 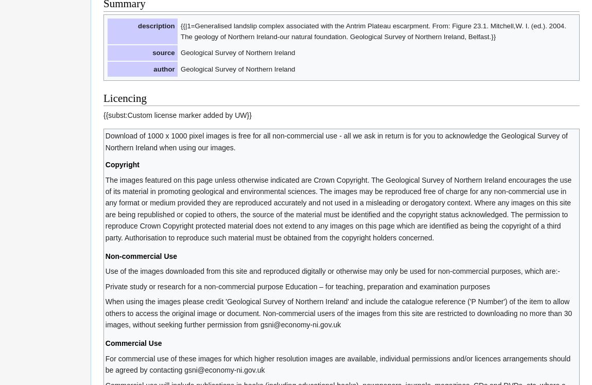 What do you see at coordinates (103, 115) in the screenshot?
I see `'{{subst:Custom license marker added by UW}}'` at bounding box center [103, 115].